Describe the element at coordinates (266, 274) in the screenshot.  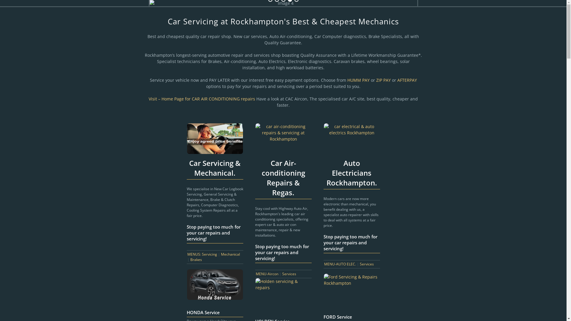
I see `'MENU-Aircon'` at that location.